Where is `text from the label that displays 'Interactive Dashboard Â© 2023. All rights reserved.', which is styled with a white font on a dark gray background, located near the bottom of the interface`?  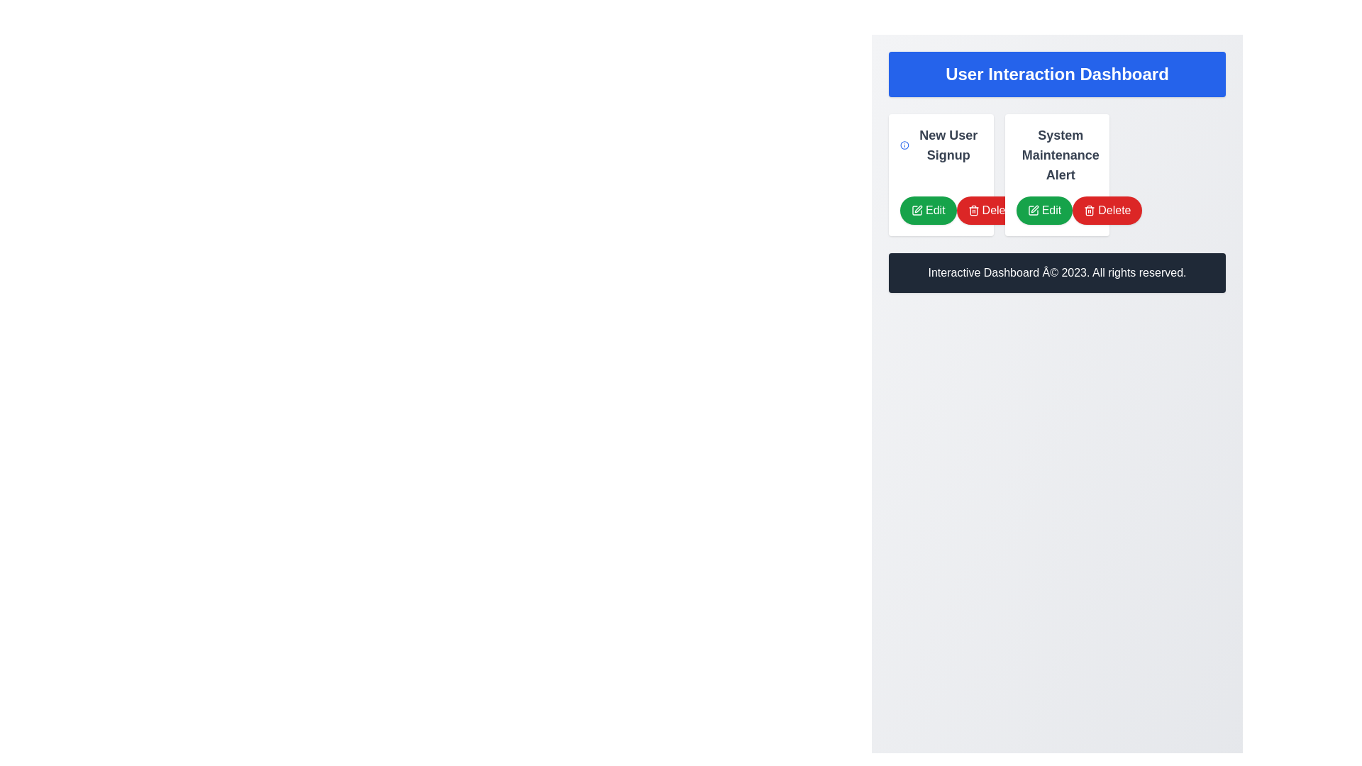 text from the label that displays 'Interactive Dashboard Â© 2023. All rights reserved.', which is styled with a white font on a dark gray background, located near the bottom of the interface is located at coordinates (1057, 273).